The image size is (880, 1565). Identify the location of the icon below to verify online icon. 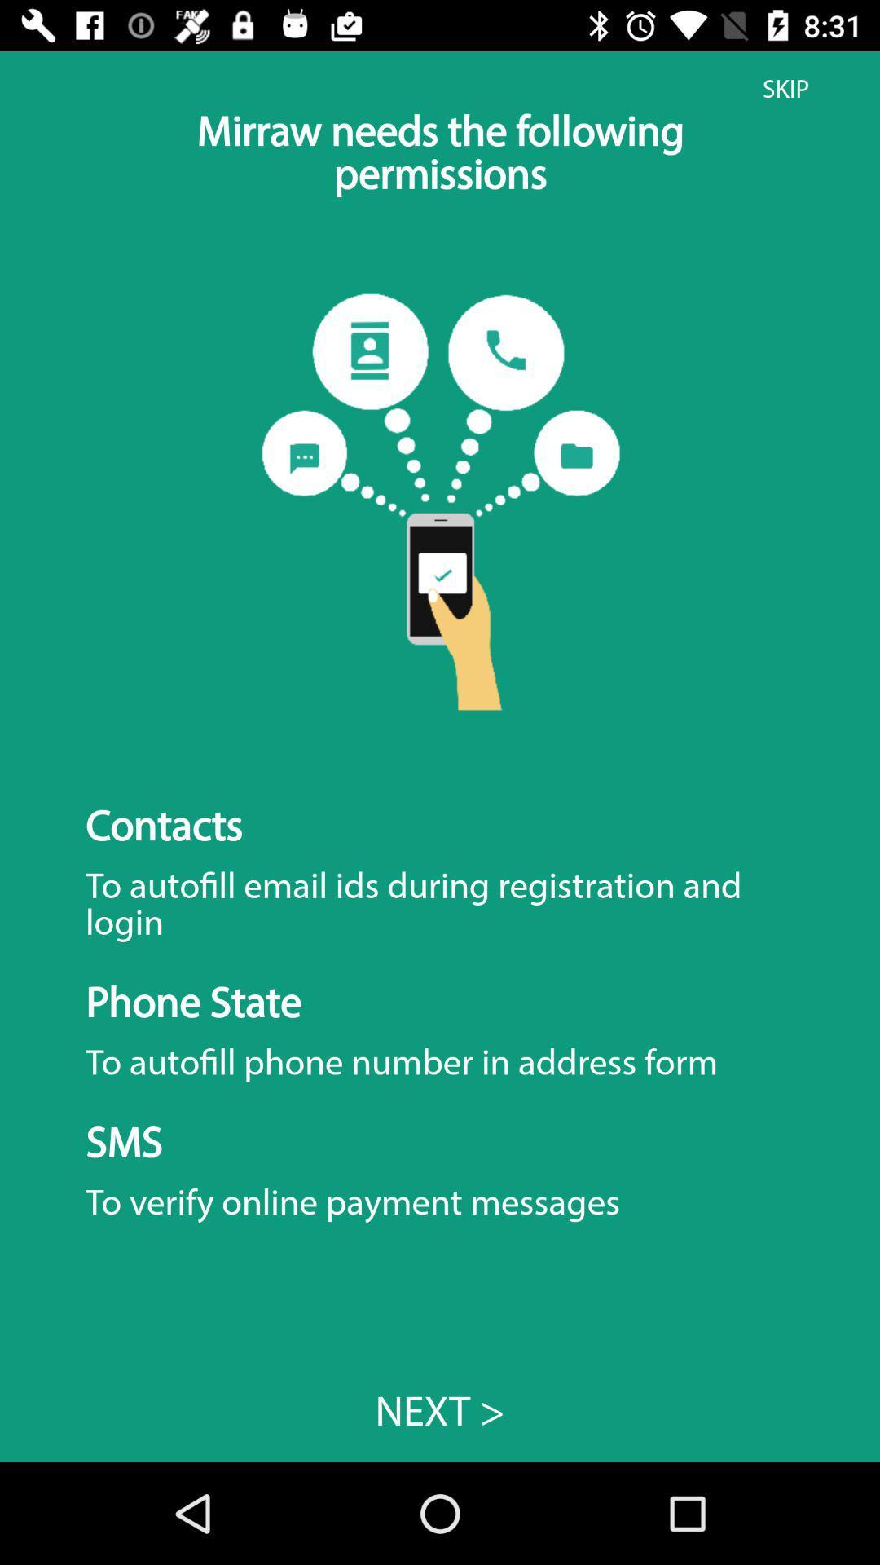
(440, 1410).